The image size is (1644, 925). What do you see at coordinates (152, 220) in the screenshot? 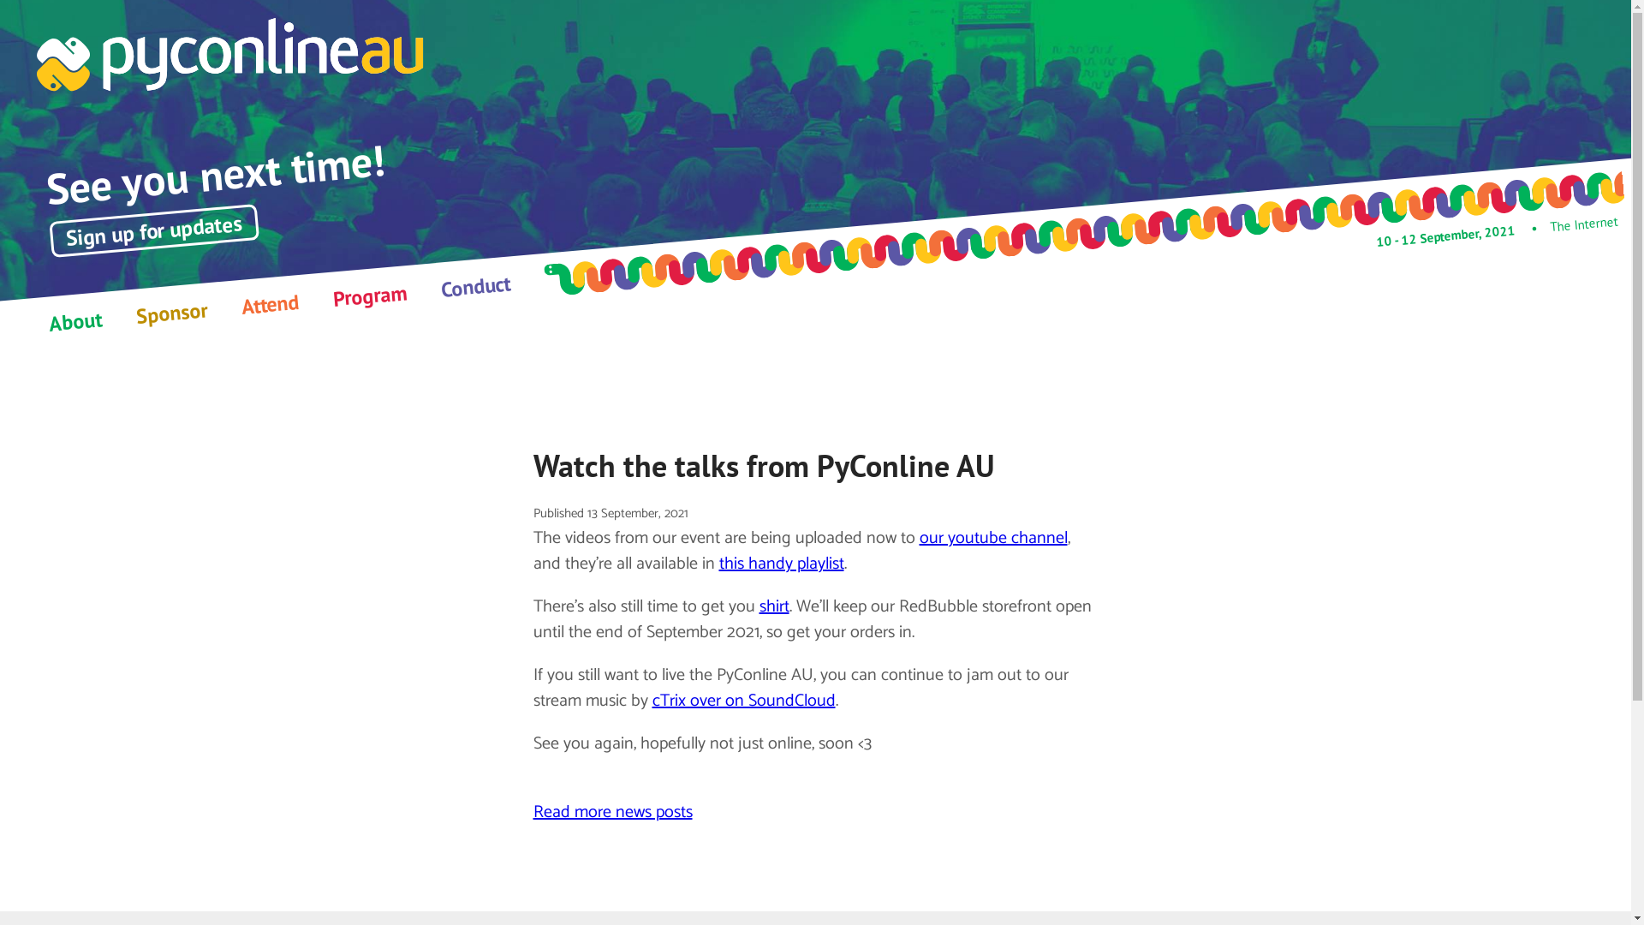
I see `'Sign up for updates'` at bounding box center [152, 220].